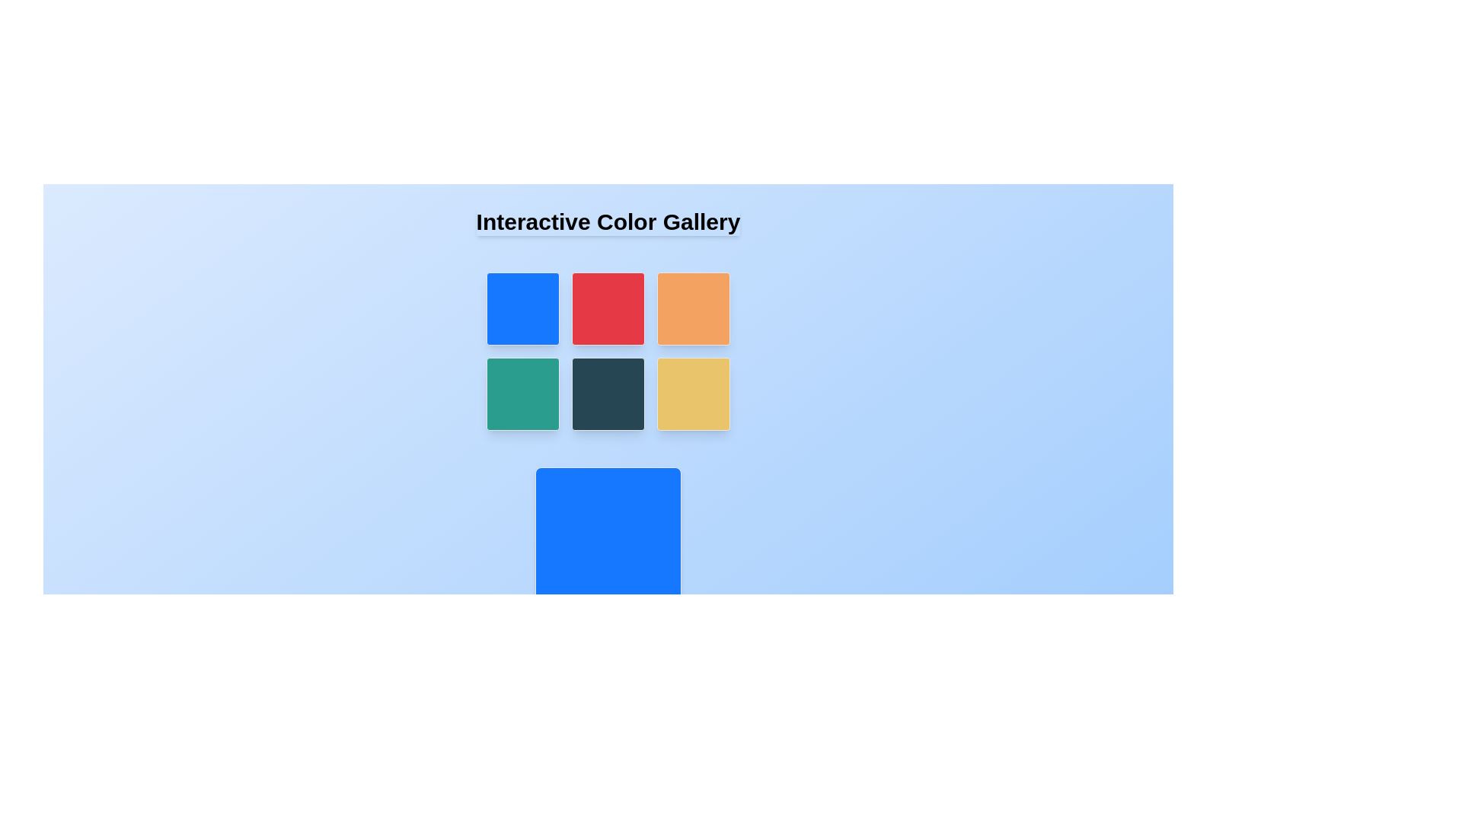 The width and height of the screenshot is (1462, 822). Describe the element at coordinates (522, 308) in the screenshot. I see `to select or activate the blue square button with rounded corners located in the top-left corner of the interactive grid` at that location.